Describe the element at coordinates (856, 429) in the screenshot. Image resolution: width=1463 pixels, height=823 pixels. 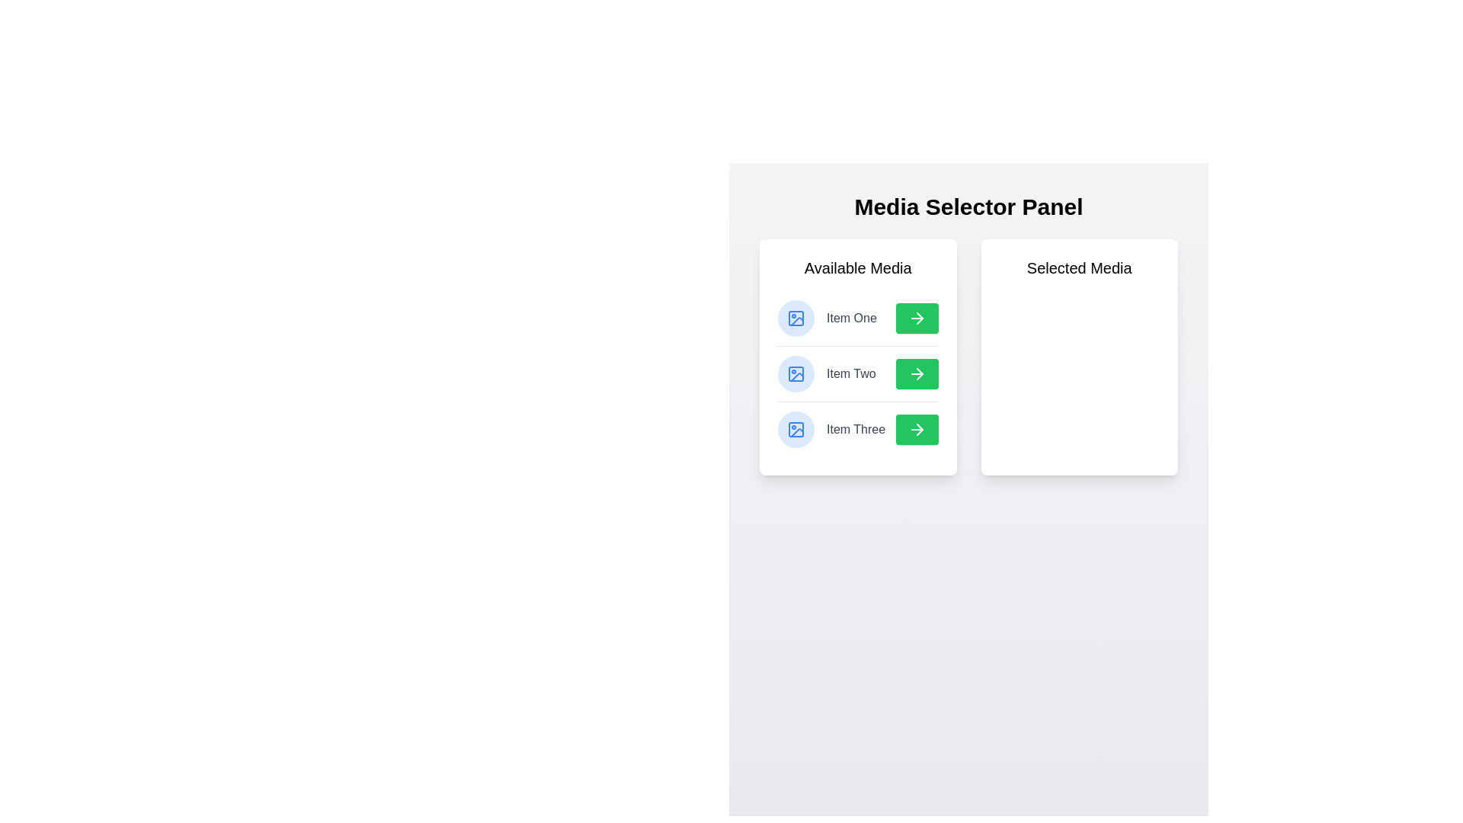
I see `the text label displaying 'Item Three' in the left panel labeled 'Available Media', which is horizontally aligned between a circular icon on the left and a green button on the right` at that location.